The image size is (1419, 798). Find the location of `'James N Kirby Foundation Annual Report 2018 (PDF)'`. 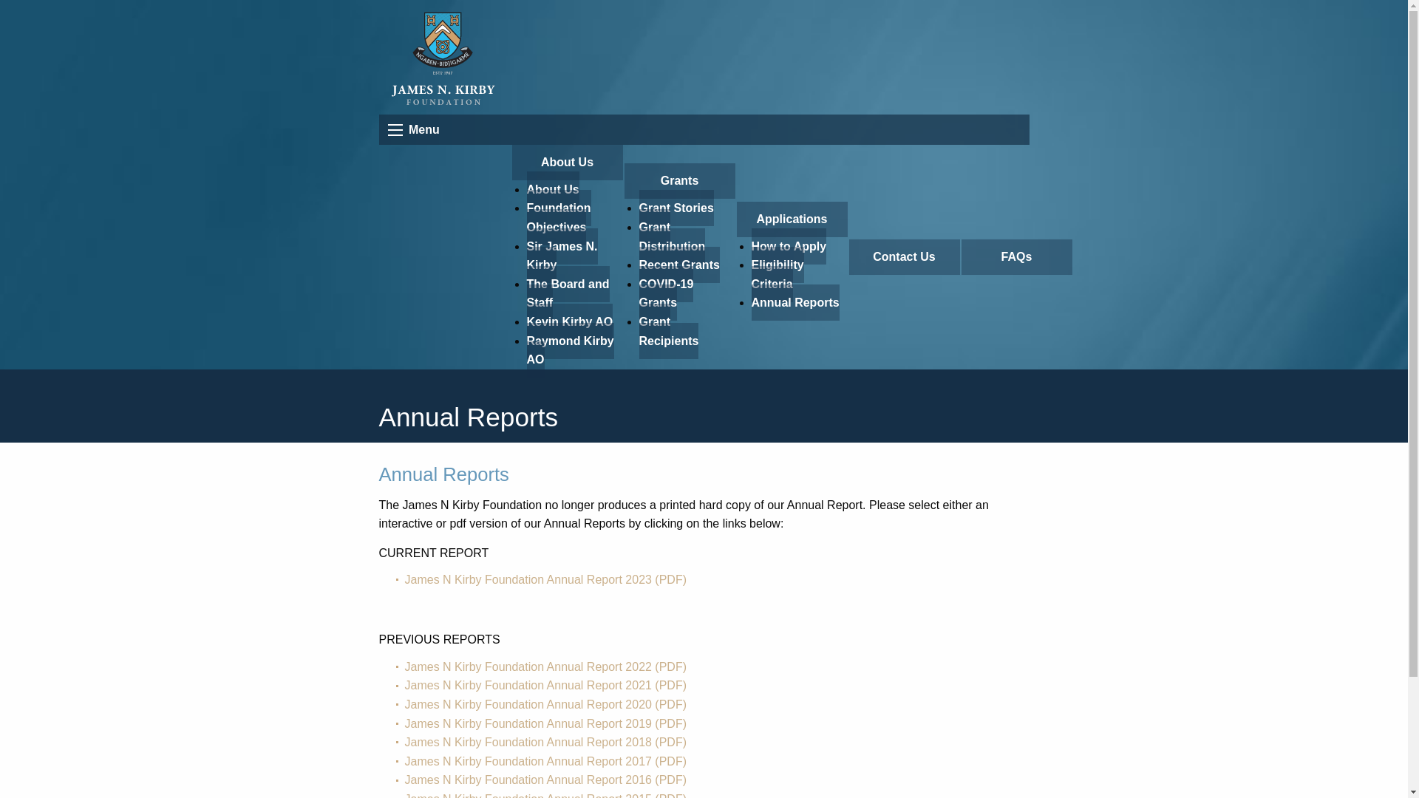

'James N Kirby Foundation Annual Report 2018 (PDF)' is located at coordinates (545, 742).